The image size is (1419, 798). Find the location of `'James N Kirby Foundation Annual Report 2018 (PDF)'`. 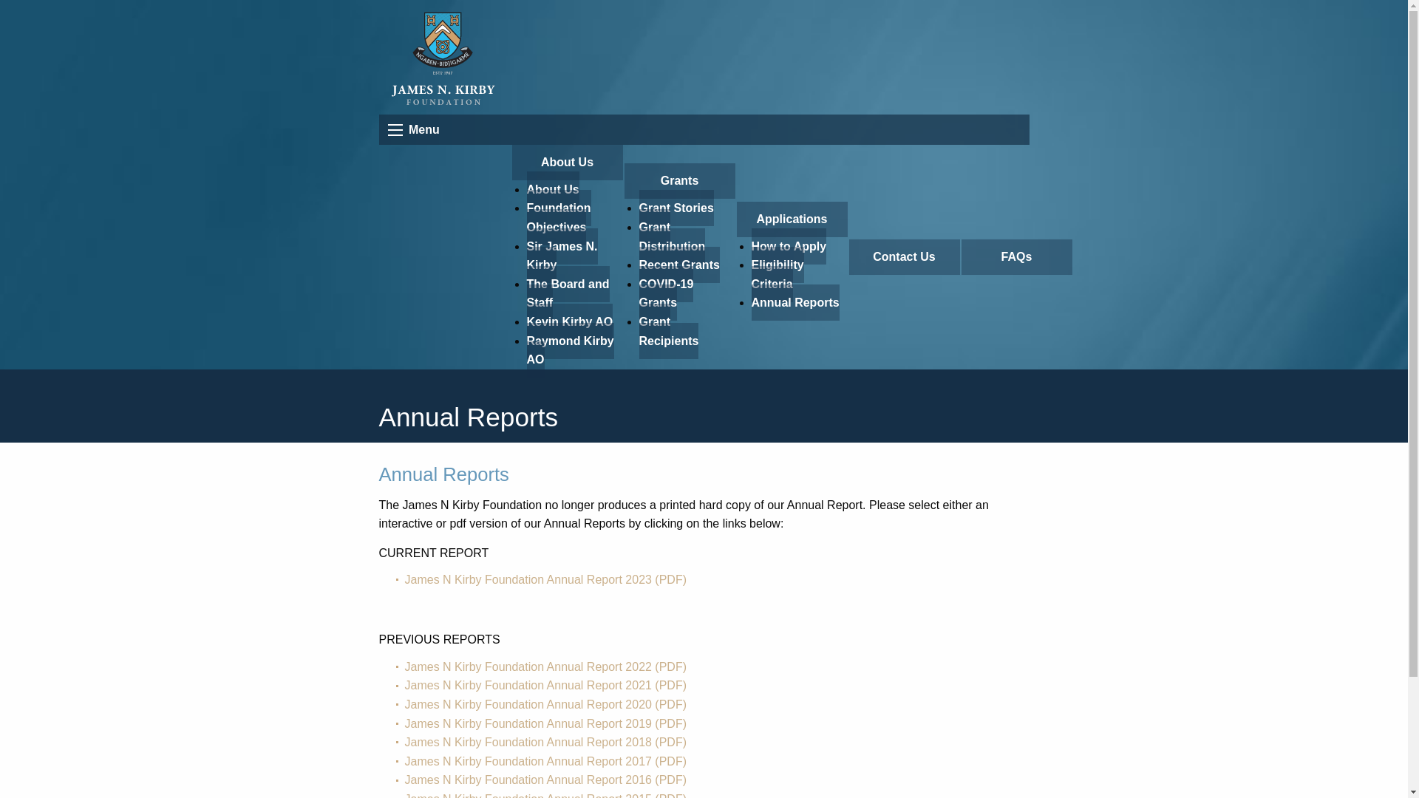

'James N Kirby Foundation Annual Report 2018 (PDF)' is located at coordinates (545, 742).